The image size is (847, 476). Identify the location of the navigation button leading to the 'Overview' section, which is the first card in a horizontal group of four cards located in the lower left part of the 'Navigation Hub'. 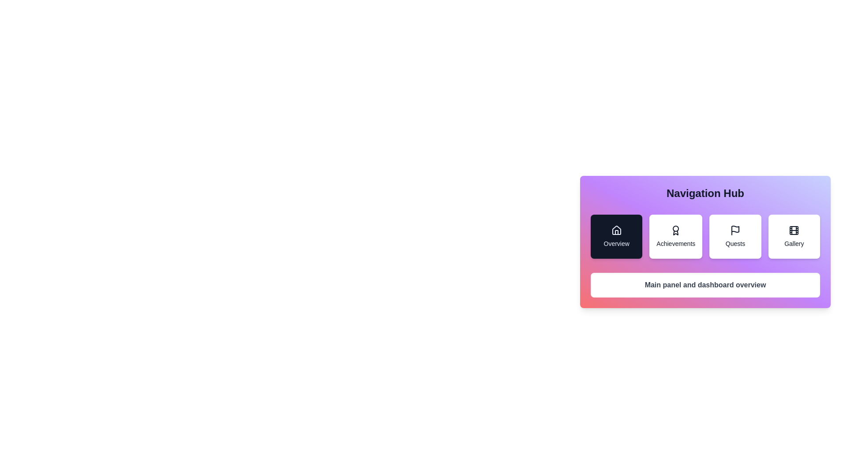
(616, 236).